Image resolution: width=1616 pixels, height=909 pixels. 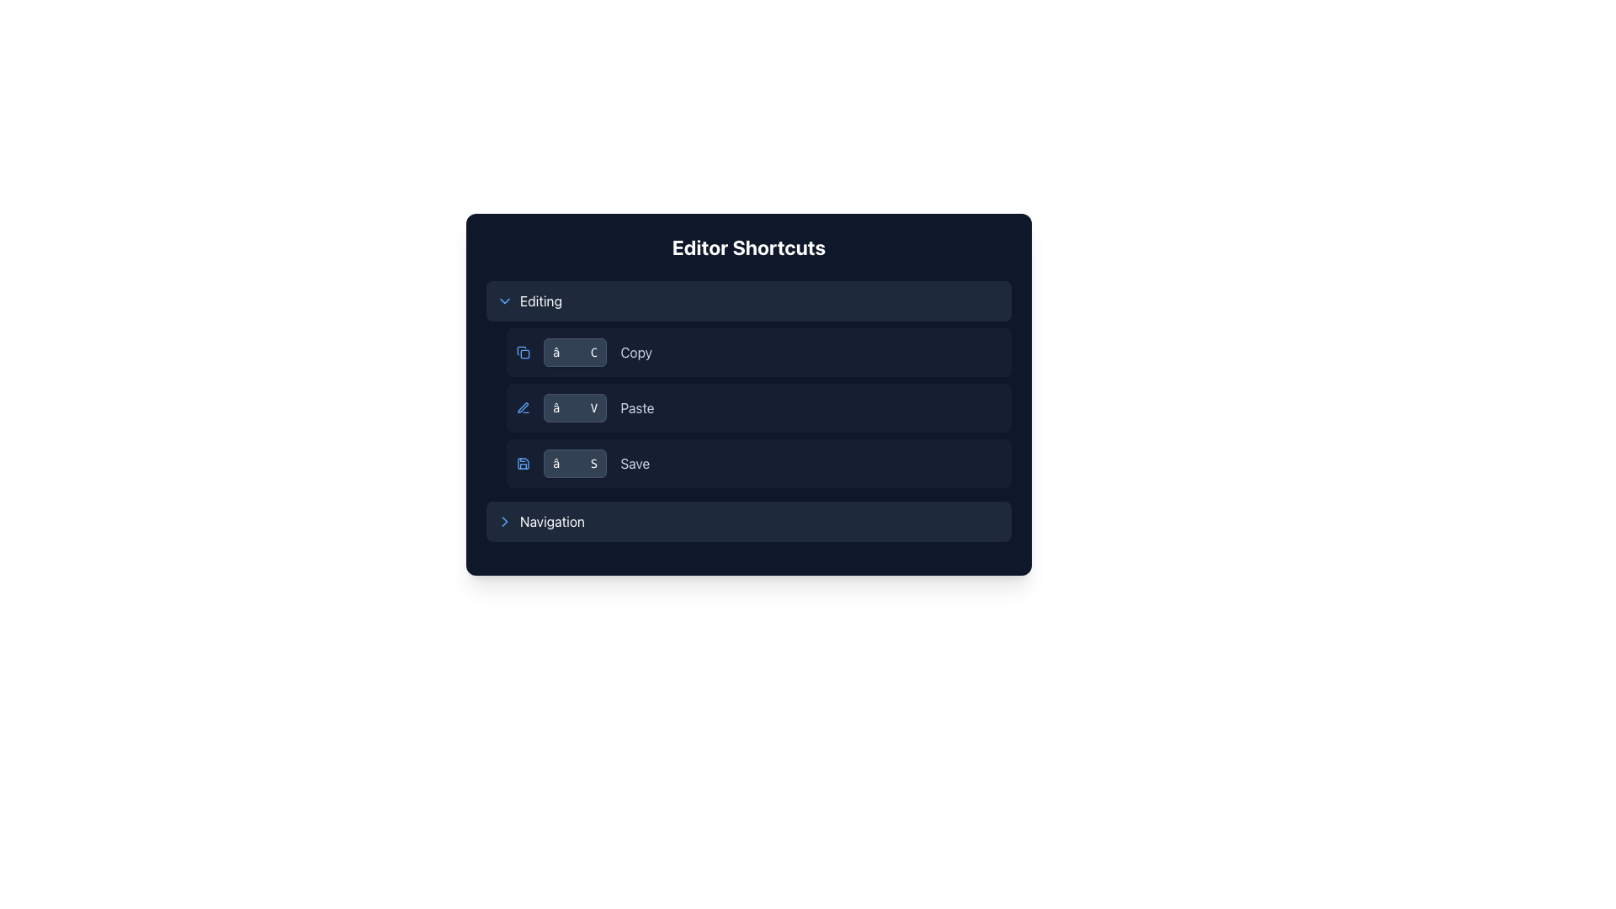 What do you see at coordinates (575, 352) in the screenshot?
I see `and interpret the keyboard shortcut indicator displaying ⌘ + C for the 'Copy' operation, located in the 'Editing' section of the 'Editor Shortcuts' interface` at bounding box center [575, 352].